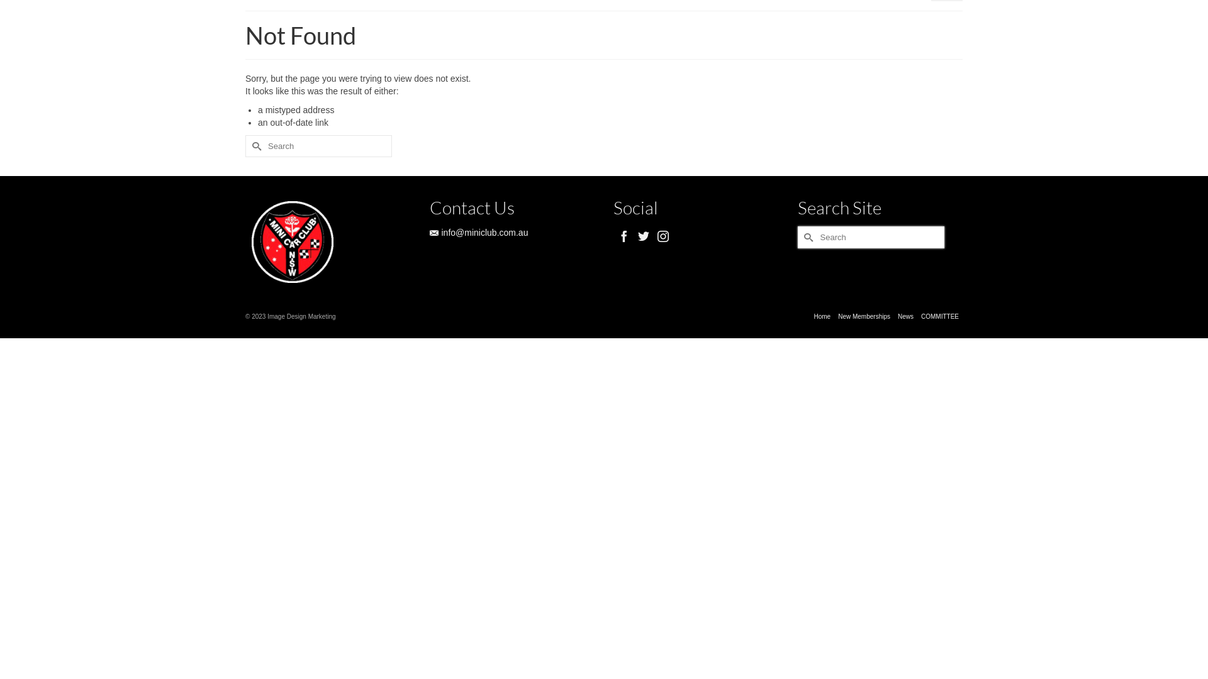 The image size is (1208, 679). I want to click on 'New Memberships', so click(863, 316).